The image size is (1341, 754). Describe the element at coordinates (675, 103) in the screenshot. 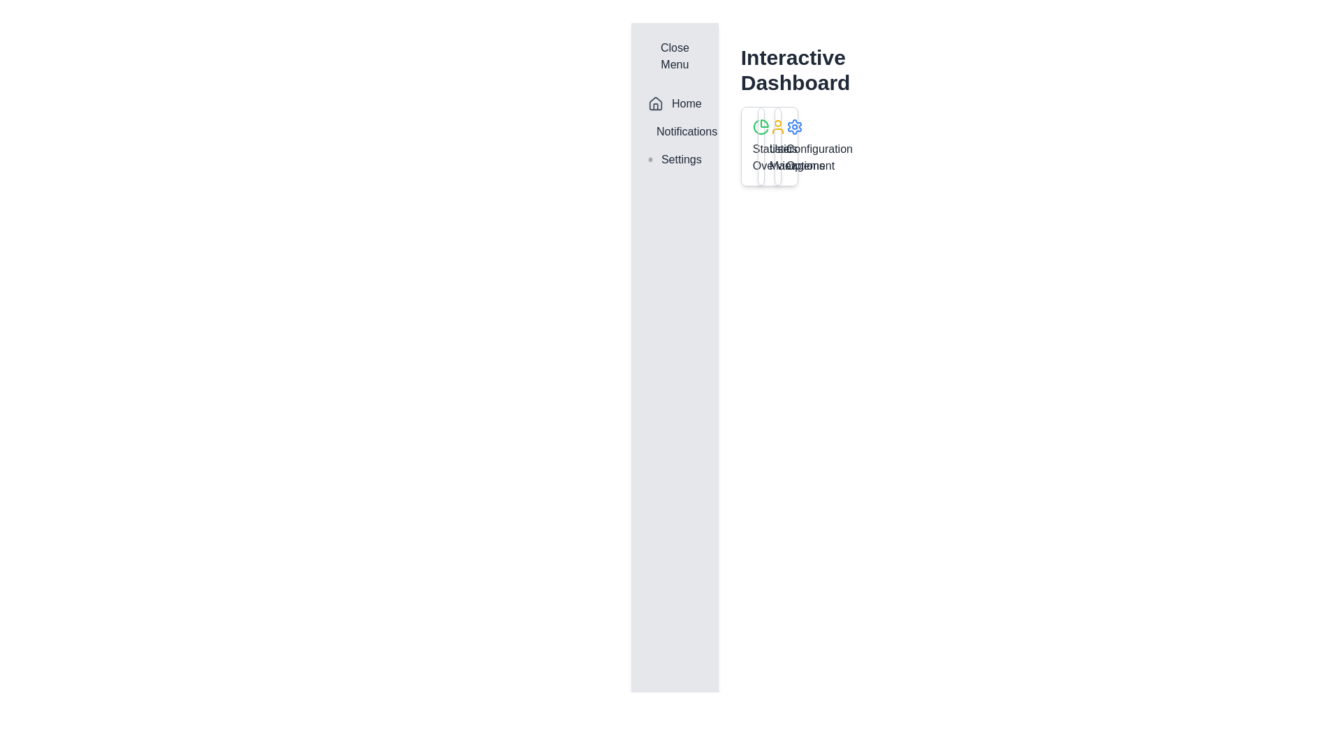

I see `the first item in the vertical list of the Navigation menu` at that location.